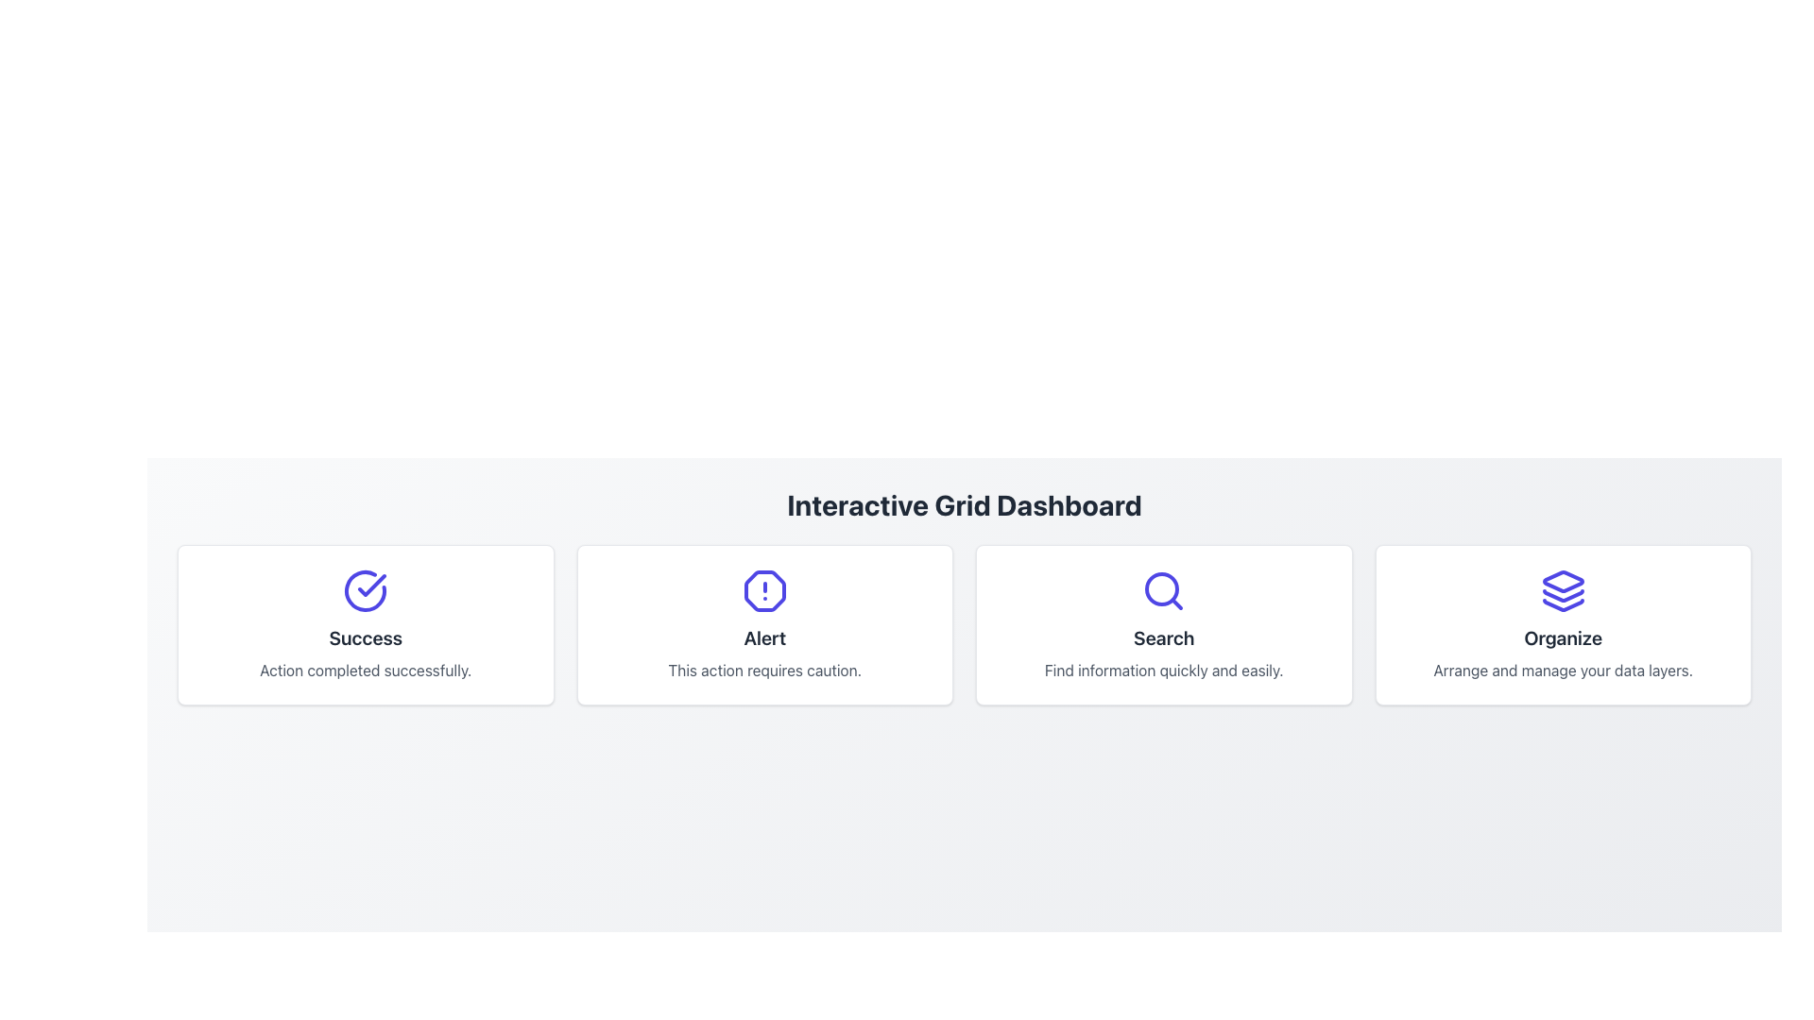 The width and height of the screenshot is (1814, 1020). I want to click on the second card in a row of four, which displays an alert message to caution the user, so click(764, 625).